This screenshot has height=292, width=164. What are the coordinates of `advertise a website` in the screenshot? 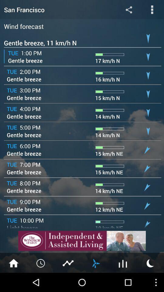 It's located at (82, 241).